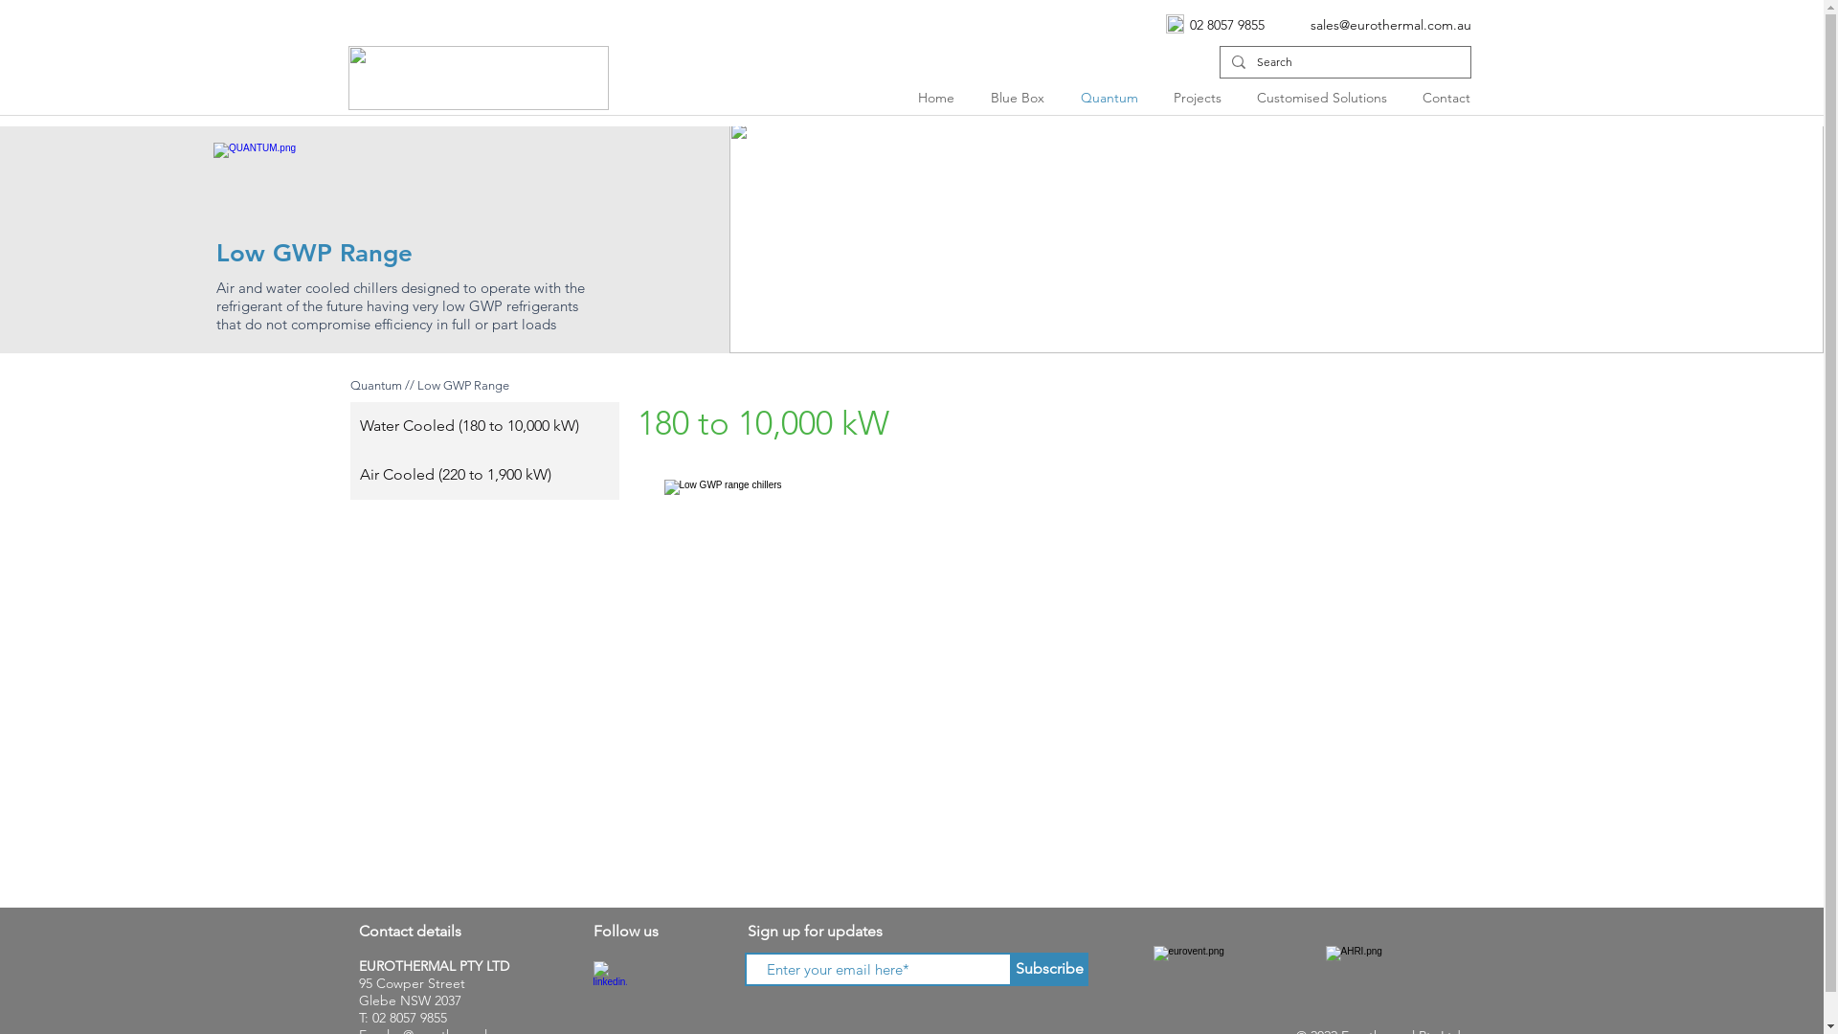  I want to click on 'Water Cooled (180 to 10,000 kW)', so click(484, 425).